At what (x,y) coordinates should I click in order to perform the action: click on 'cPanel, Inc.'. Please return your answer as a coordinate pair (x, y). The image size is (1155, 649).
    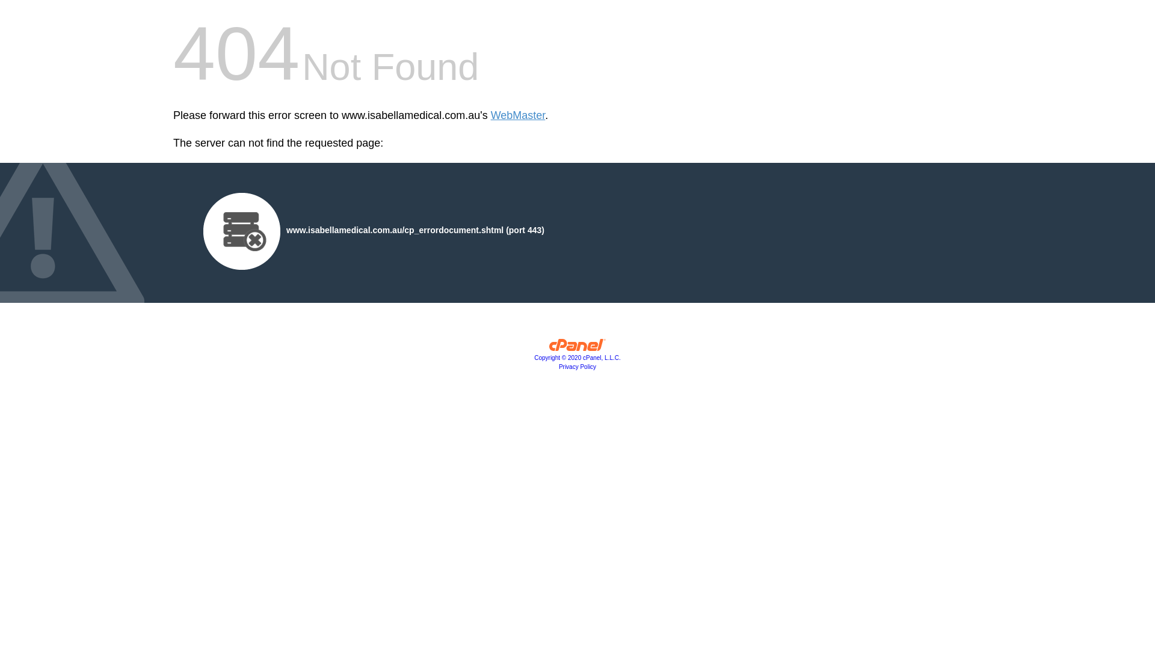
    Looking at the image, I should click on (577, 347).